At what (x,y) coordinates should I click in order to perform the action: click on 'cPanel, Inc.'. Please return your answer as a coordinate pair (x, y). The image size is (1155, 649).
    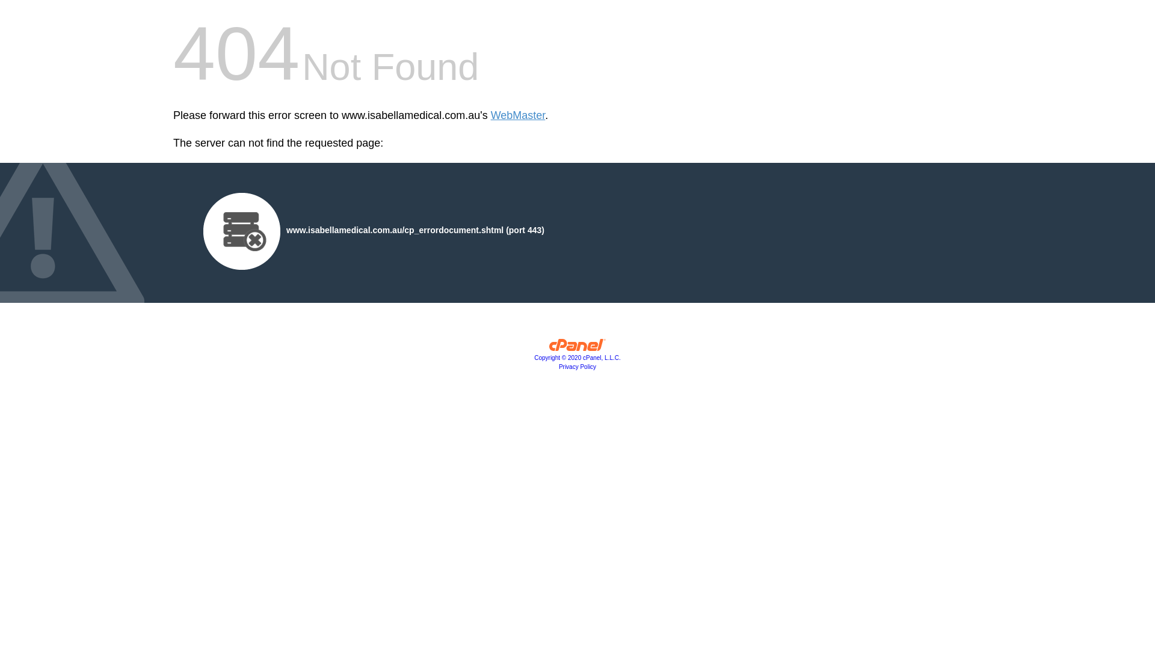
    Looking at the image, I should click on (577, 347).